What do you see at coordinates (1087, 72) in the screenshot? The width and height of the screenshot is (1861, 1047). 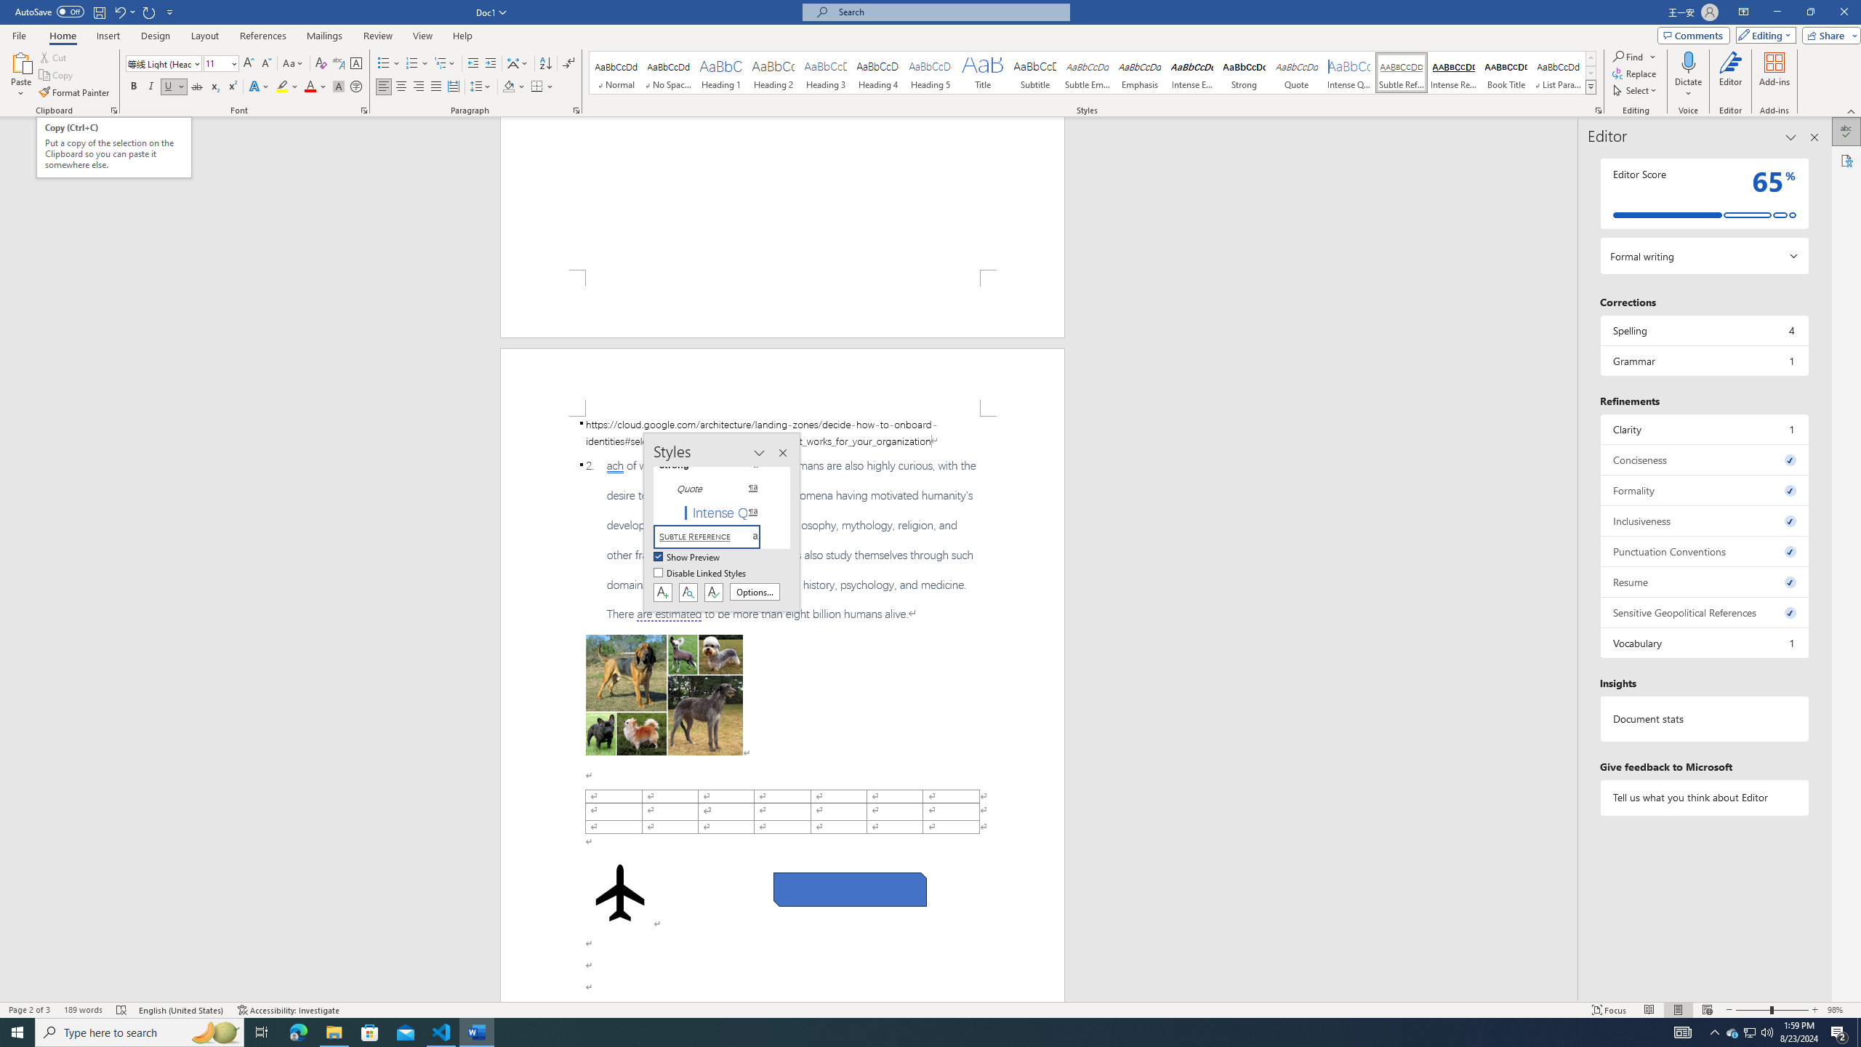 I see `'Subtle Emphasis'` at bounding box center [1087, 72].